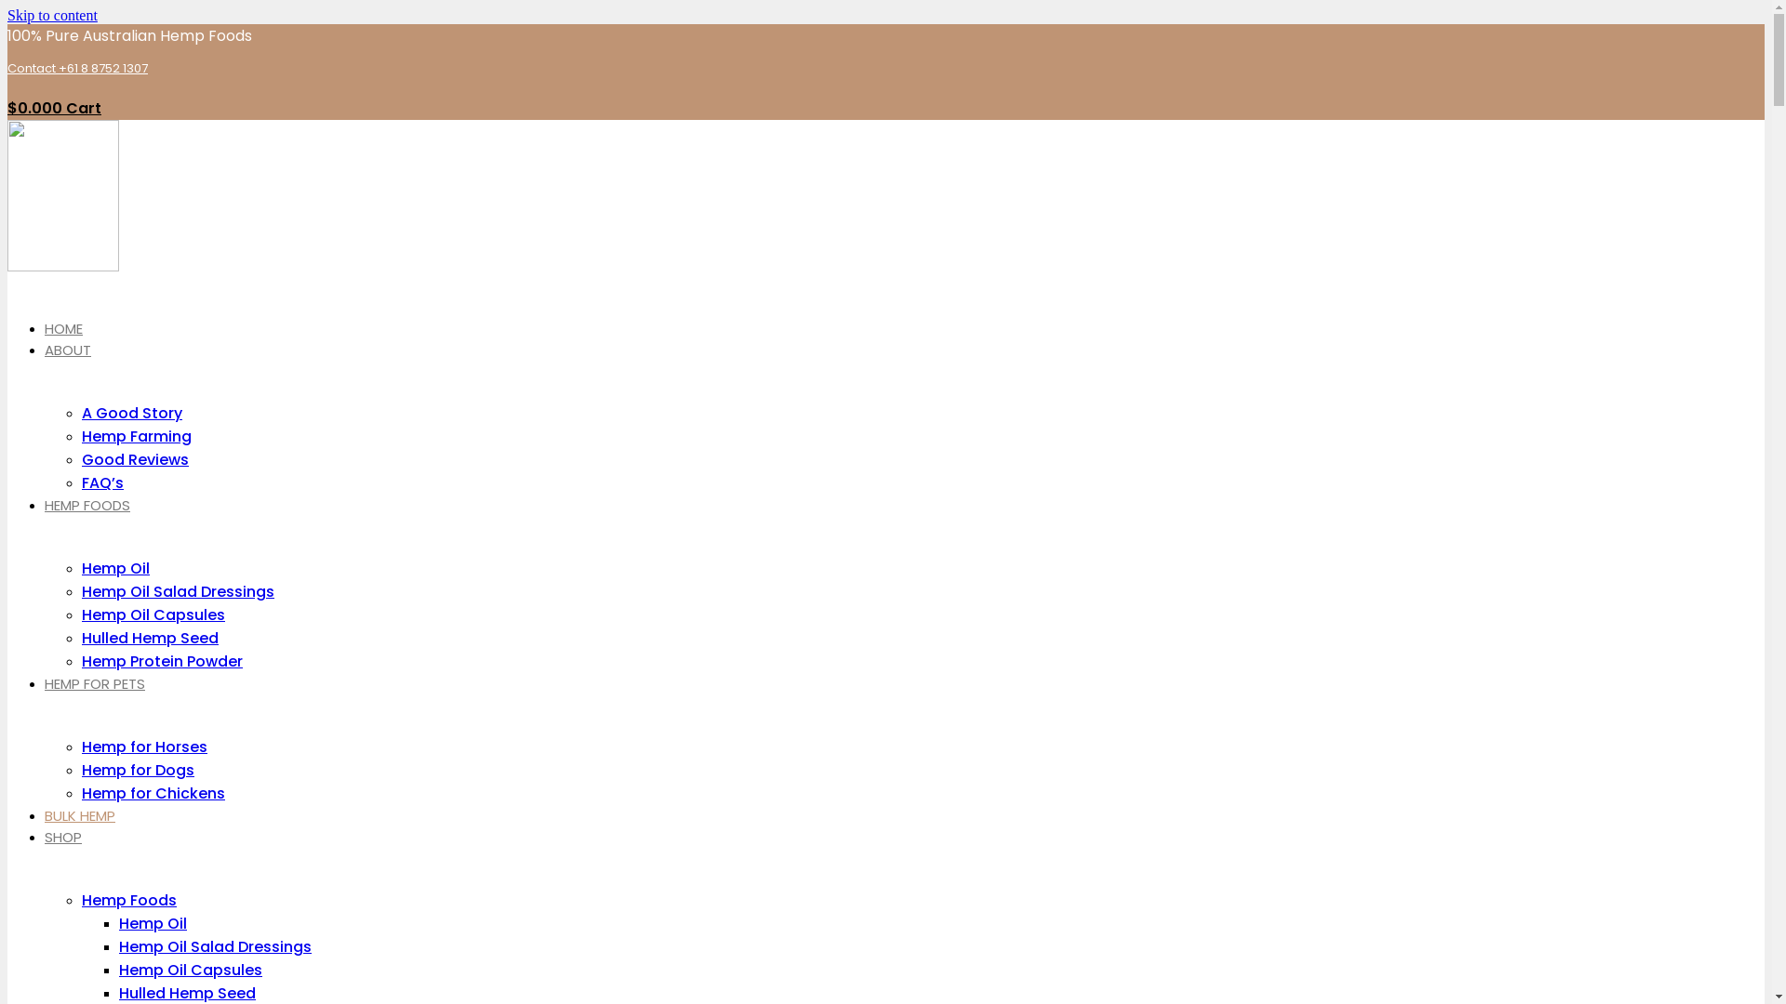 The height and width of the screenshot is (1004, 1786). What do you see at coordinates (63, 327) in the screenshot?
I see `'HOME'` at bounding box center [63, 327].